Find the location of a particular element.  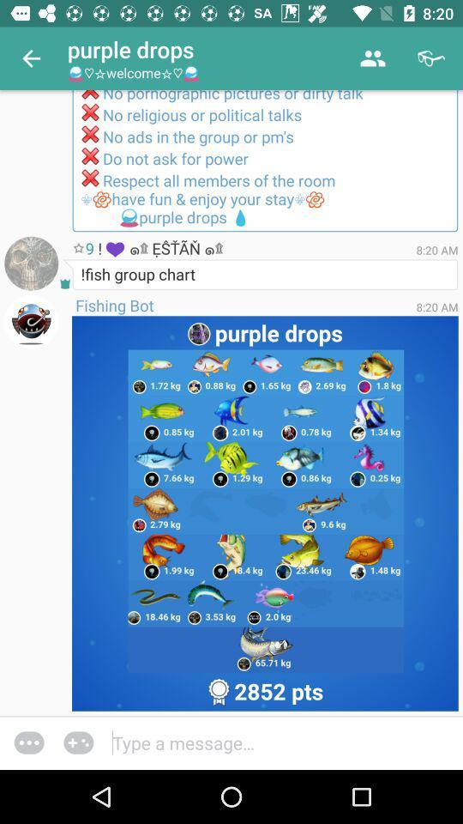

the item next to the purple drops is located at coordinates (31, 58).